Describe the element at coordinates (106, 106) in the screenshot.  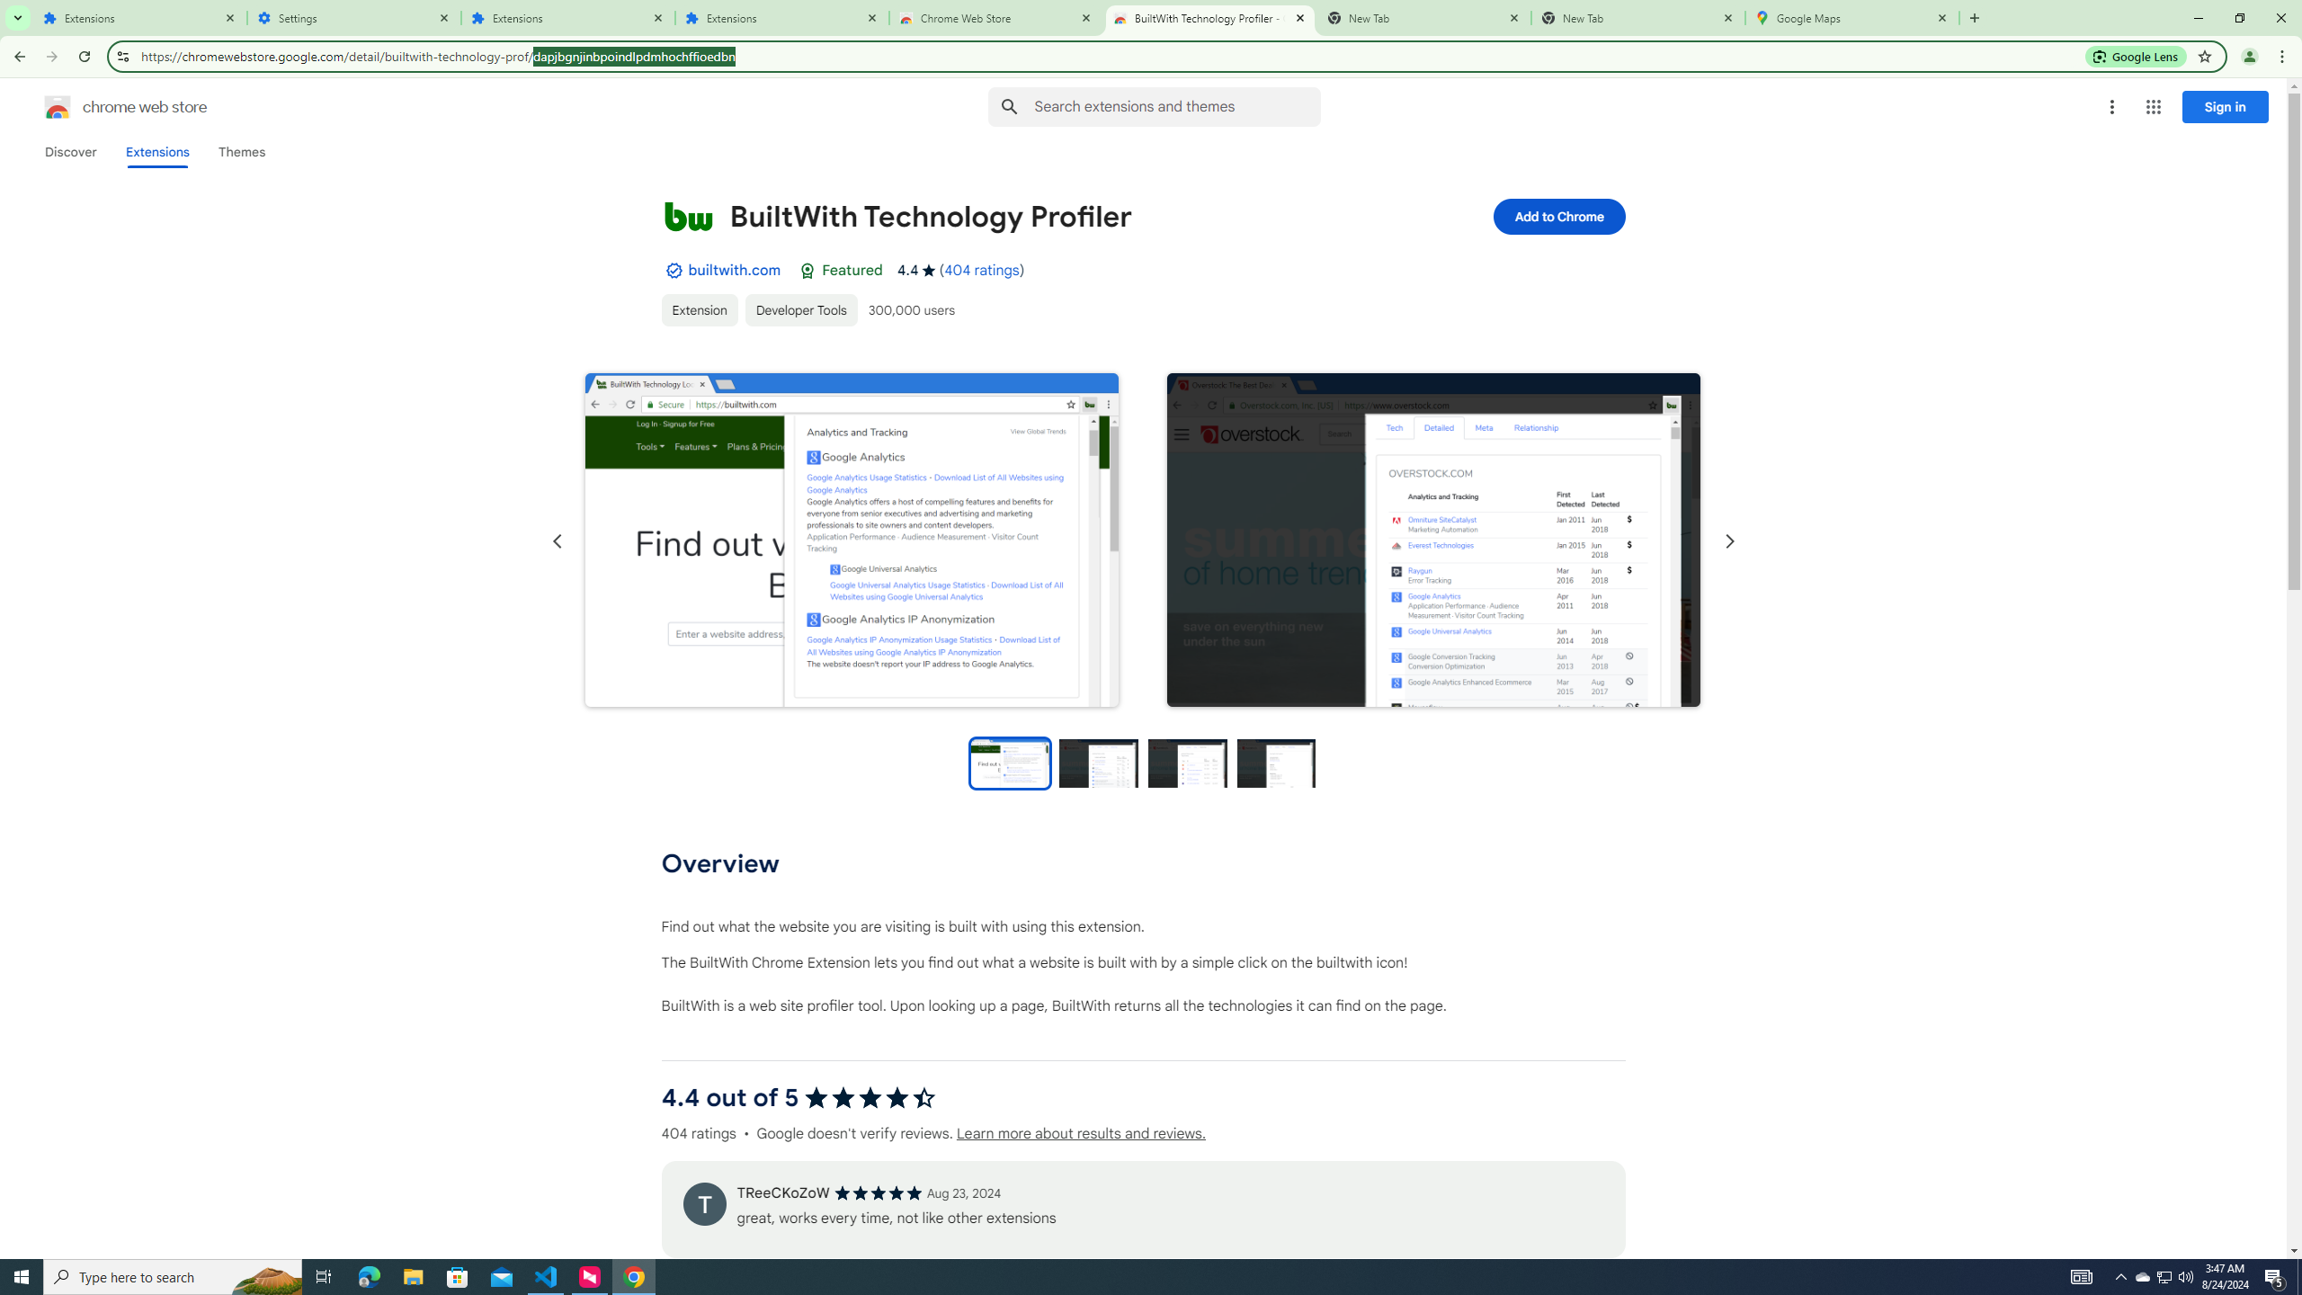
I see `'Chrome Web Store logo chrome web store'` at that location.